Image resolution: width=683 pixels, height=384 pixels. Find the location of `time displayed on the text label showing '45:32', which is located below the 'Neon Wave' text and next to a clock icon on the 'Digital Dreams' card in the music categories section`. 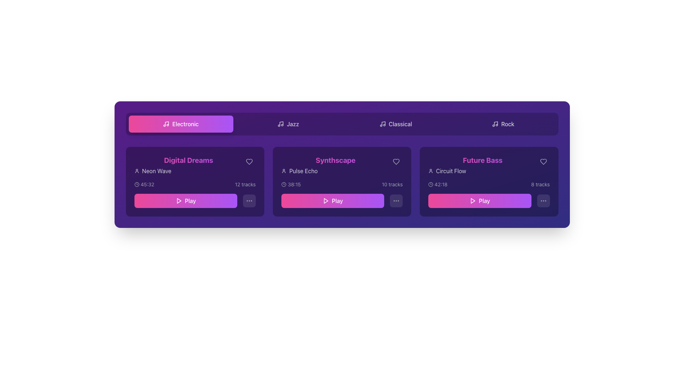

time displayed on the text label showing '45:32', which is located below the 'Neon Wave' text and next to a clock icon on the 'Digital Dreams' card in the music categories section is located at coordinates (147, 184).